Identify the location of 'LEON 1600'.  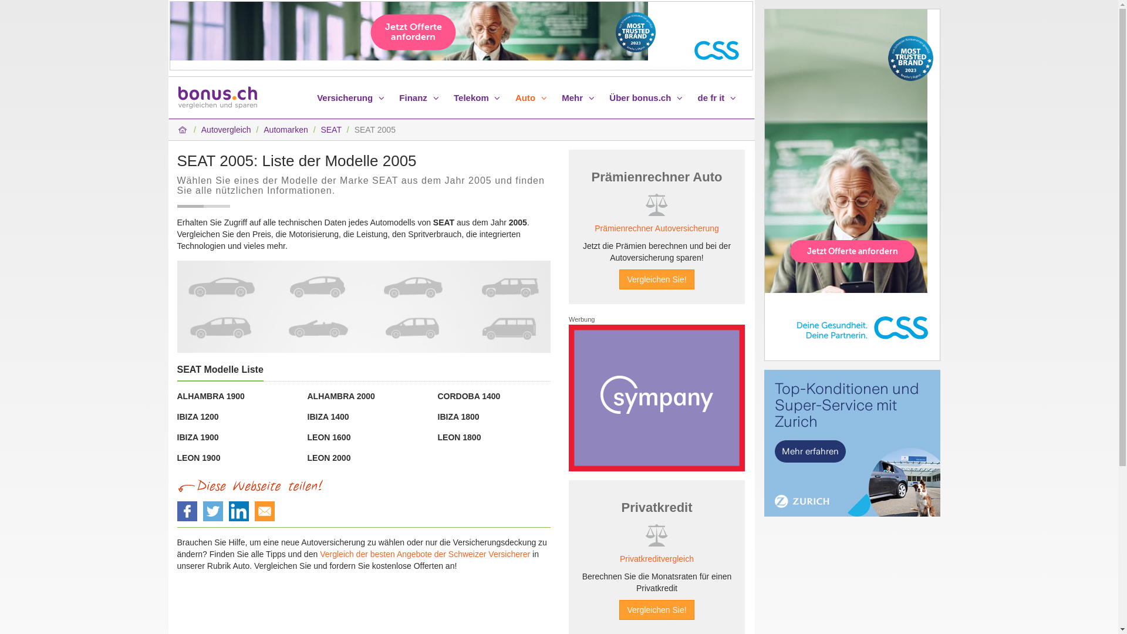
(329, 437).